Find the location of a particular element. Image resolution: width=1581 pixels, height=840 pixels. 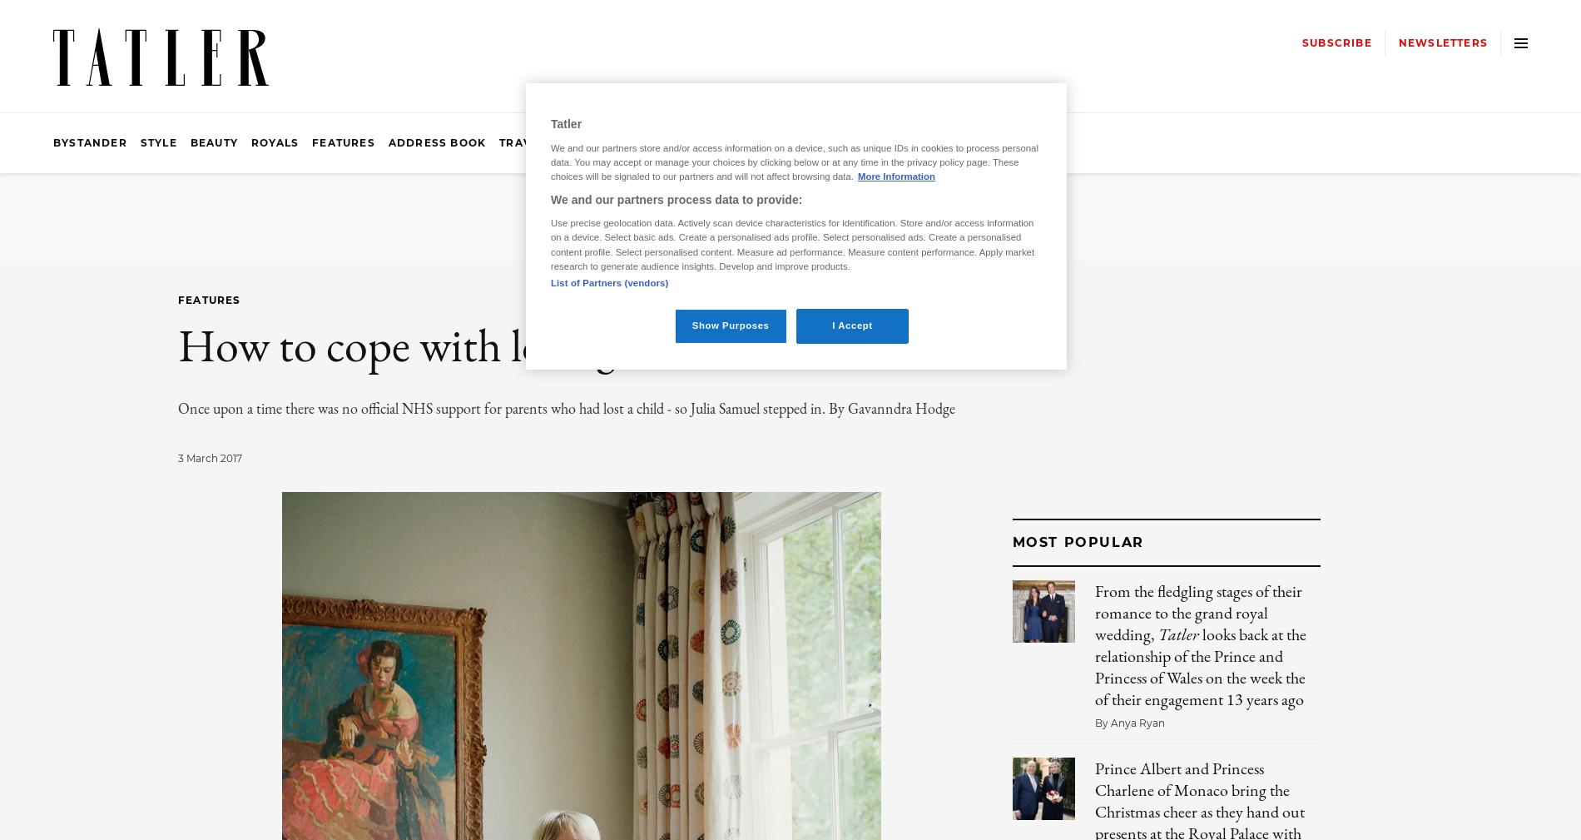

'Royals' is located at coordinates (274, 142).